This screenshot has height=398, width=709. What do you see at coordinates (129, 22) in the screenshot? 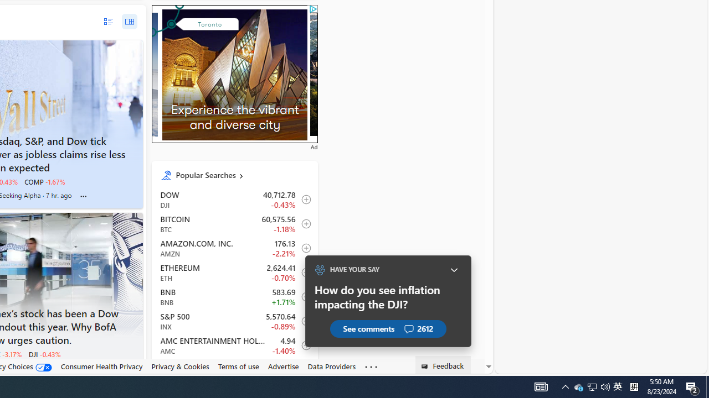
I see `'grid layout'` at bounding box center [129, 22].